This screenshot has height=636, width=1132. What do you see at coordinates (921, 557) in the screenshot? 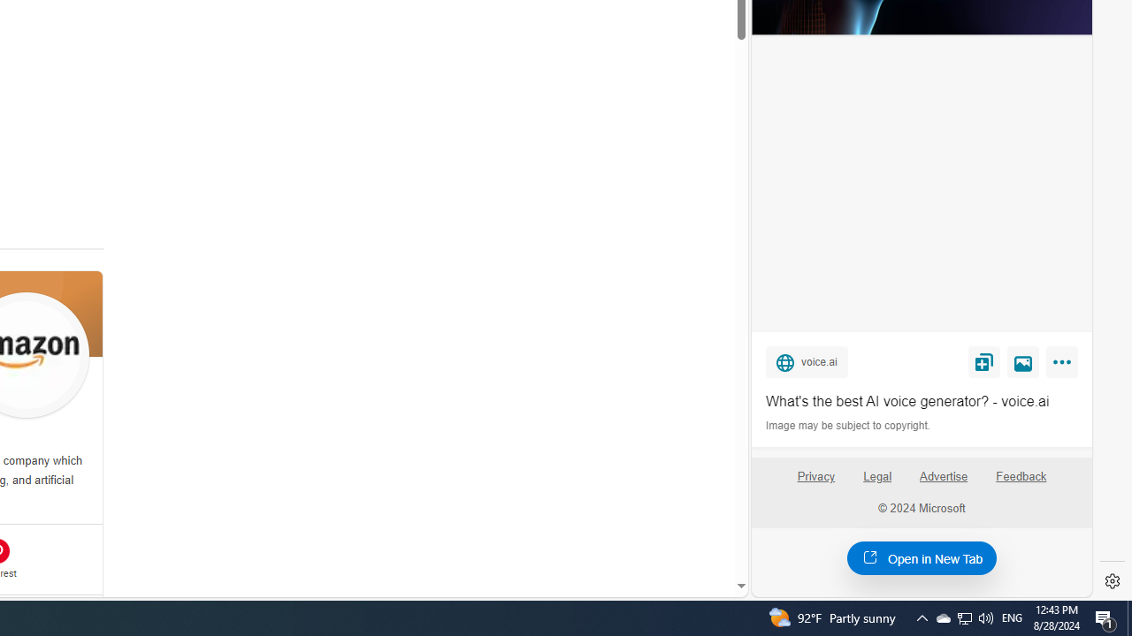
I see `'Open in New Tab'` at bounding box center [921, 557].